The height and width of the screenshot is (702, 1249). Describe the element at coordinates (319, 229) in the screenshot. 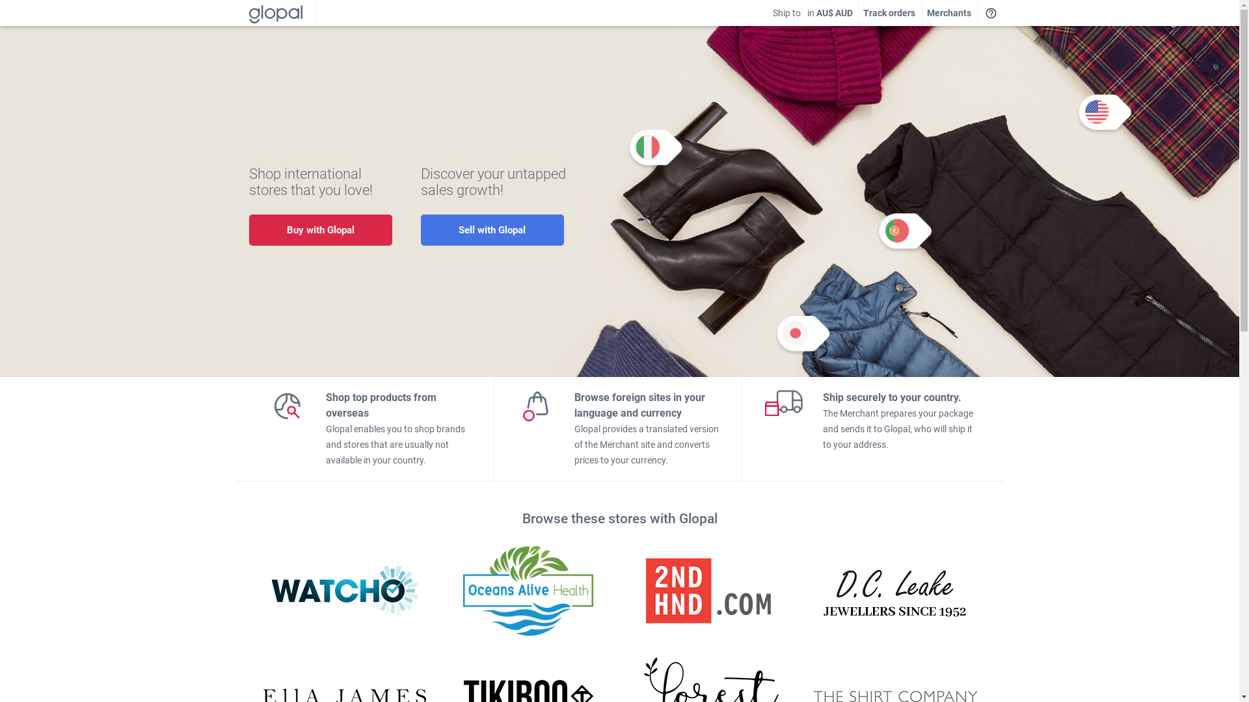

I see `'Buy with Glopal'` at that location.